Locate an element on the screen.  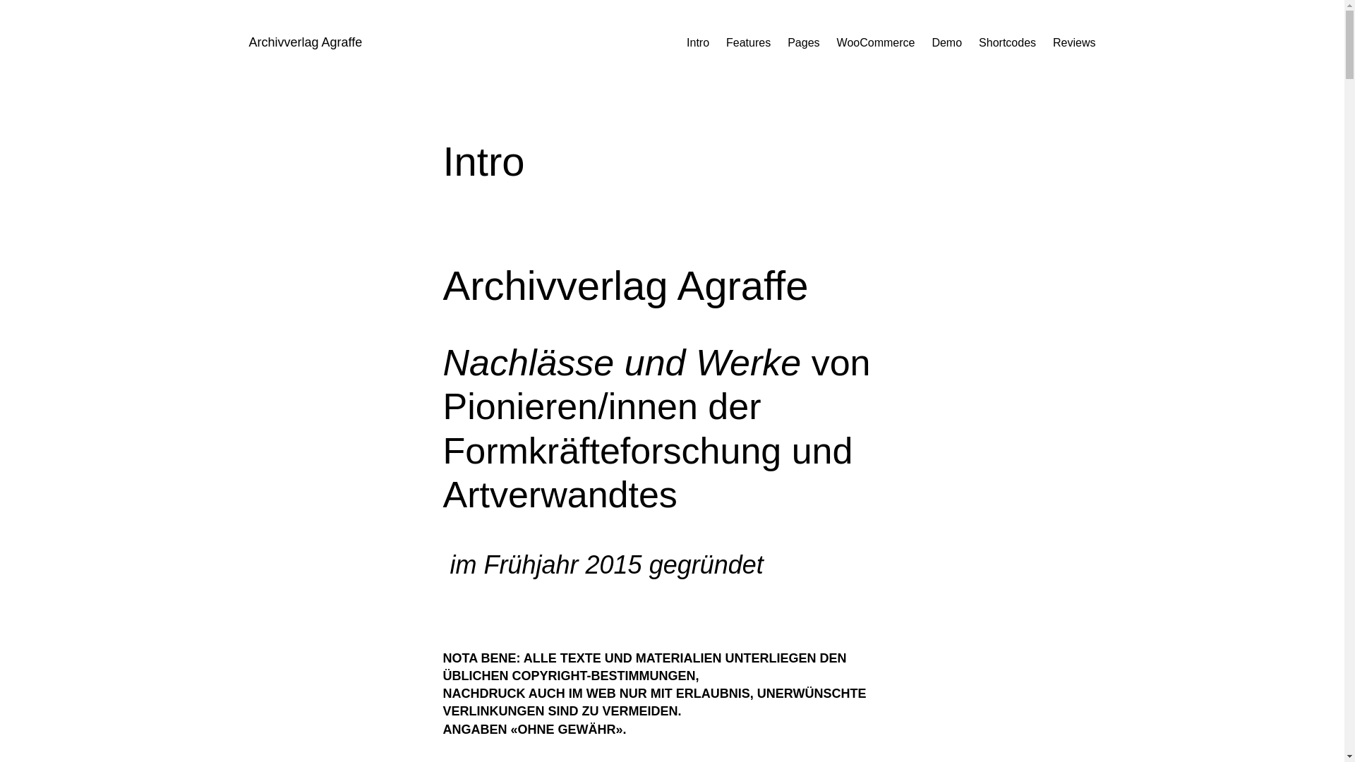
'Archivverlag Agraffe' is located at coordinates (248, 42).